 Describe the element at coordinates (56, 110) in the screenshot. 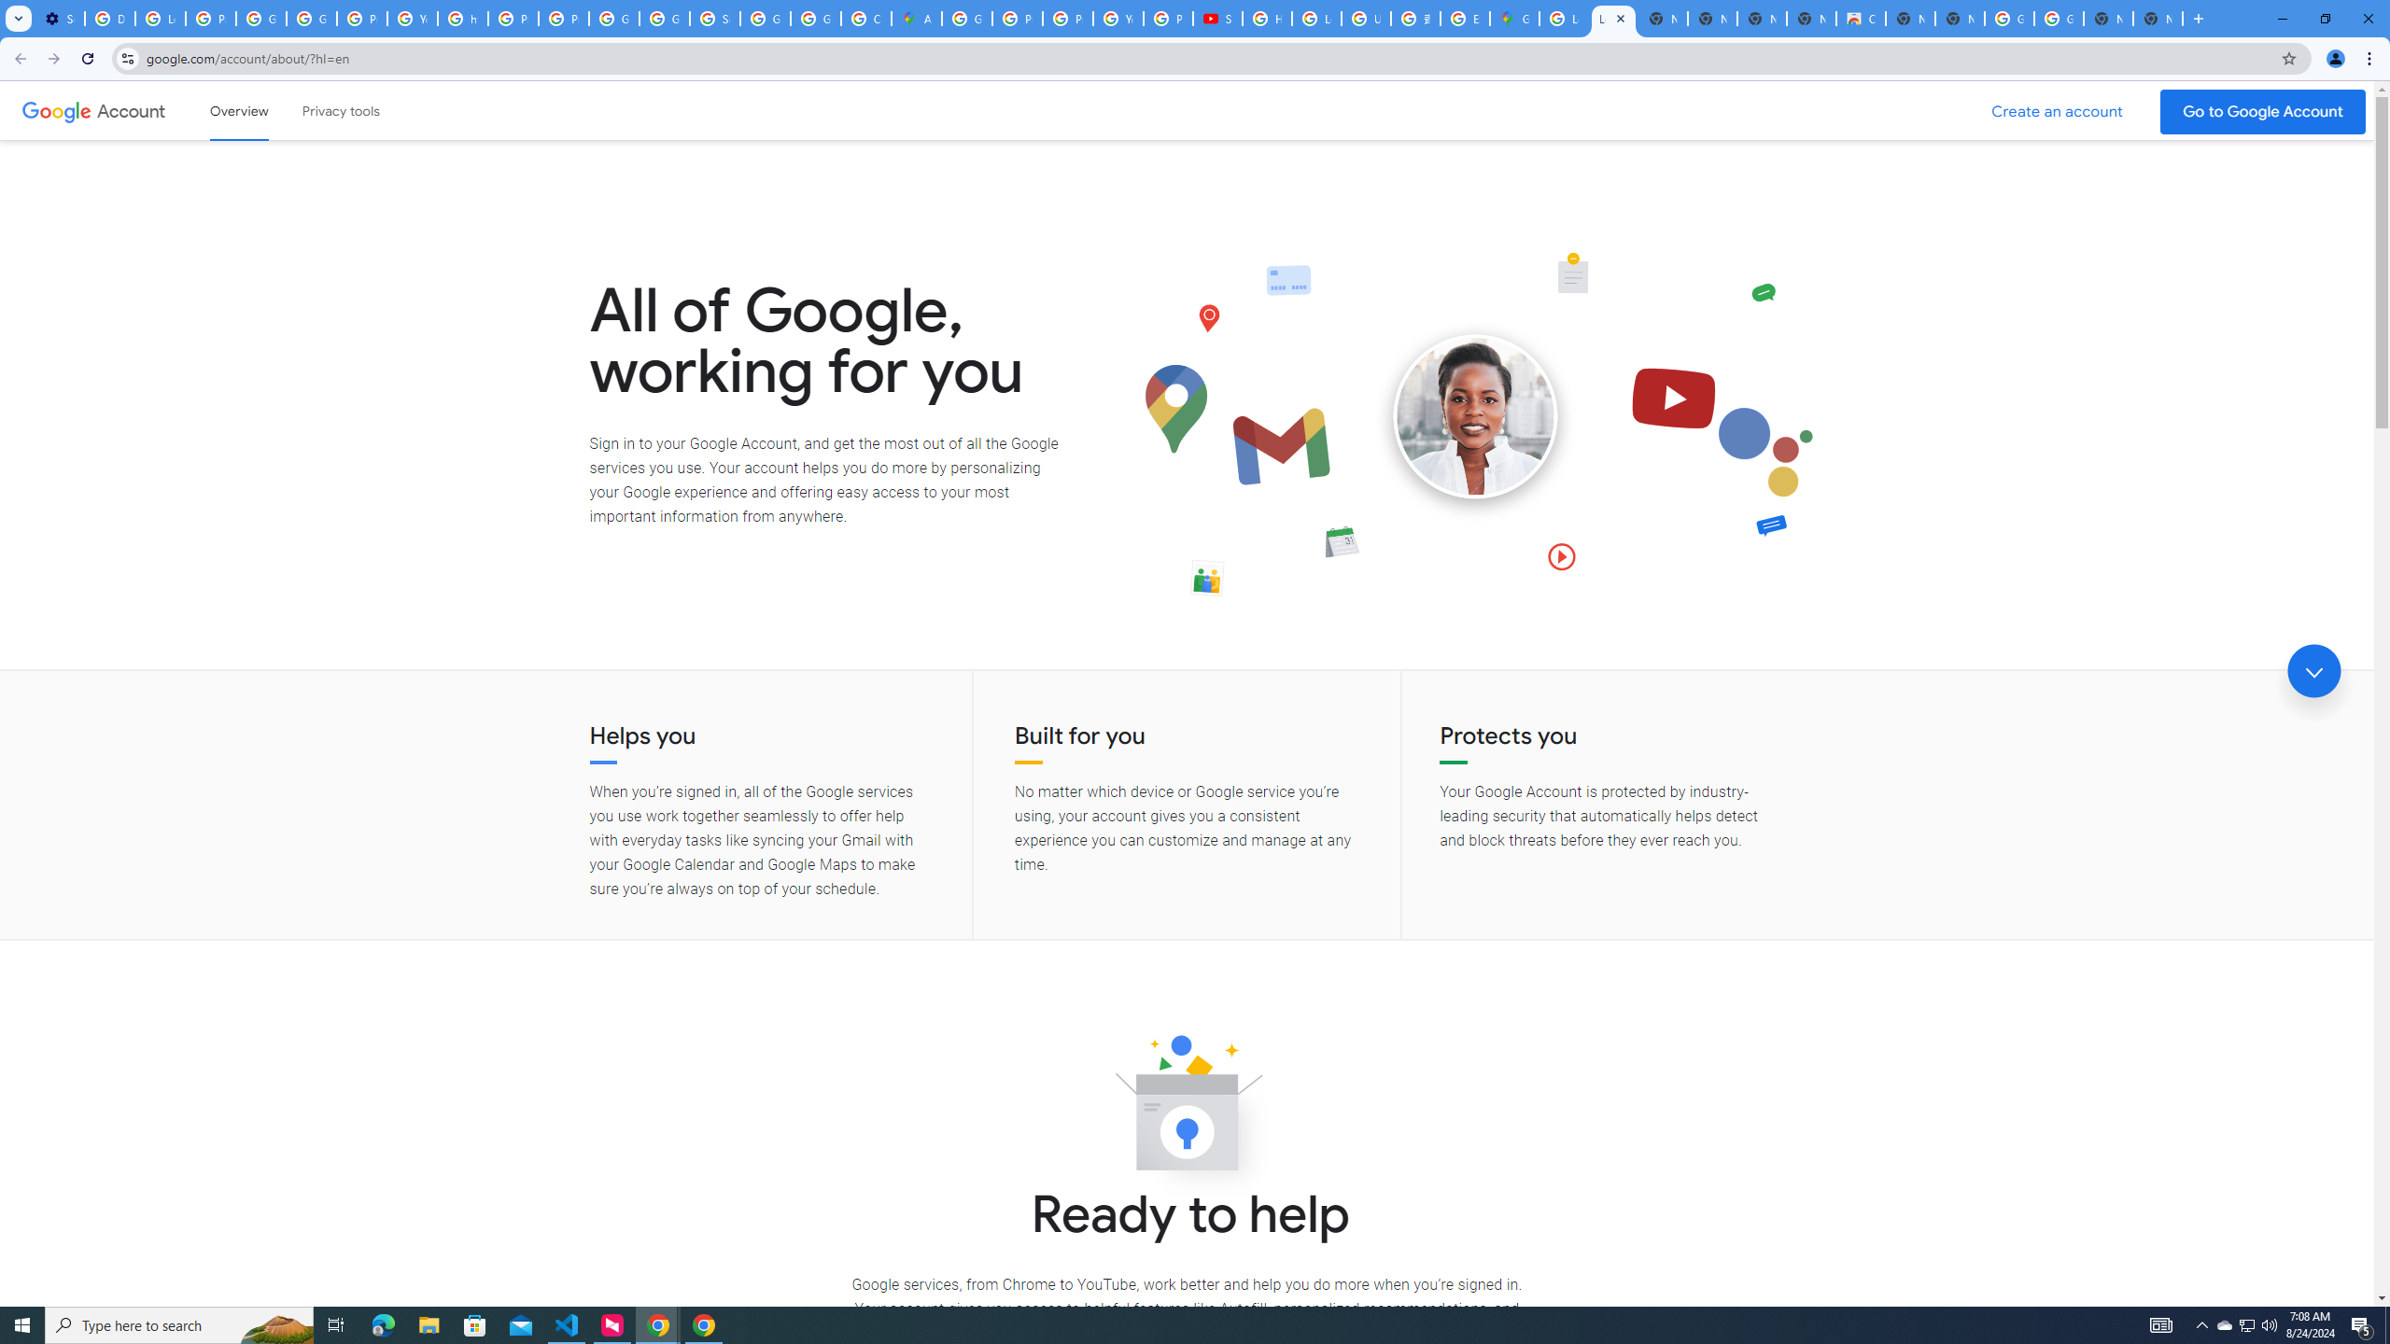

I see `'Google logo'` at that location.